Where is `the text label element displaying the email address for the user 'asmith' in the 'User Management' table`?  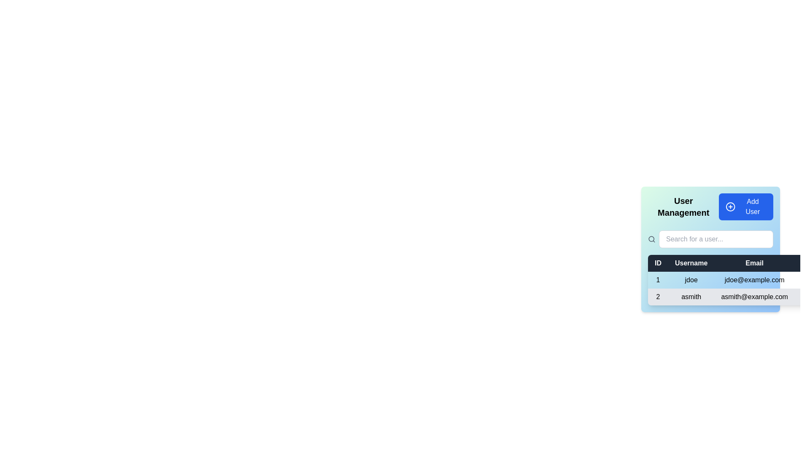 the text label element displaying the email address for the user 'asmith' in the 'User Management' table is located at coordinates (754, 297).